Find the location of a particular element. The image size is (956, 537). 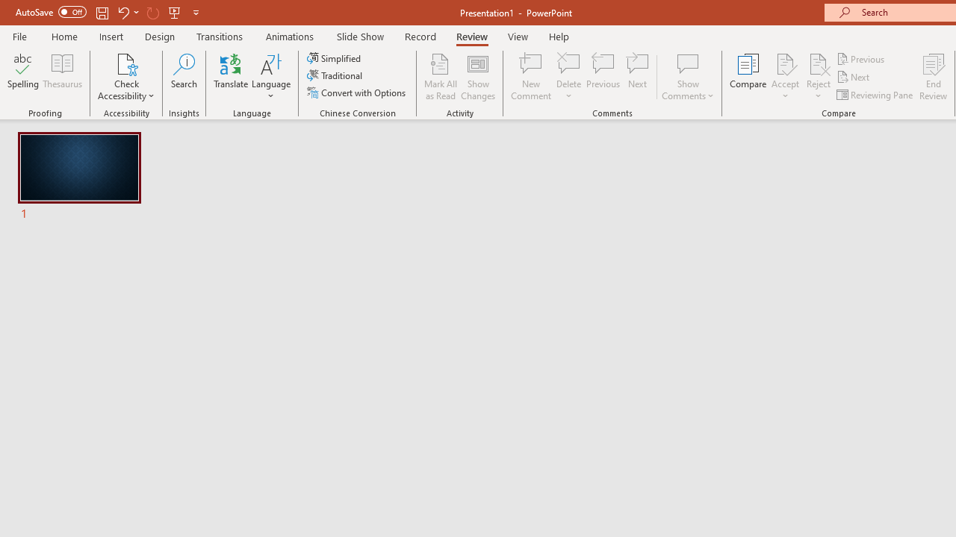

'Delete' is located at coordinates (568, 63).